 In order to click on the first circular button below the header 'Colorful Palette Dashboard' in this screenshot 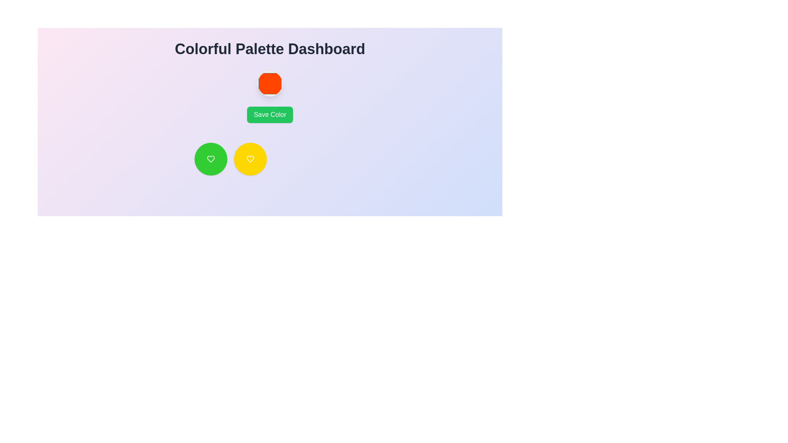, I will do `click(211, 159)`.